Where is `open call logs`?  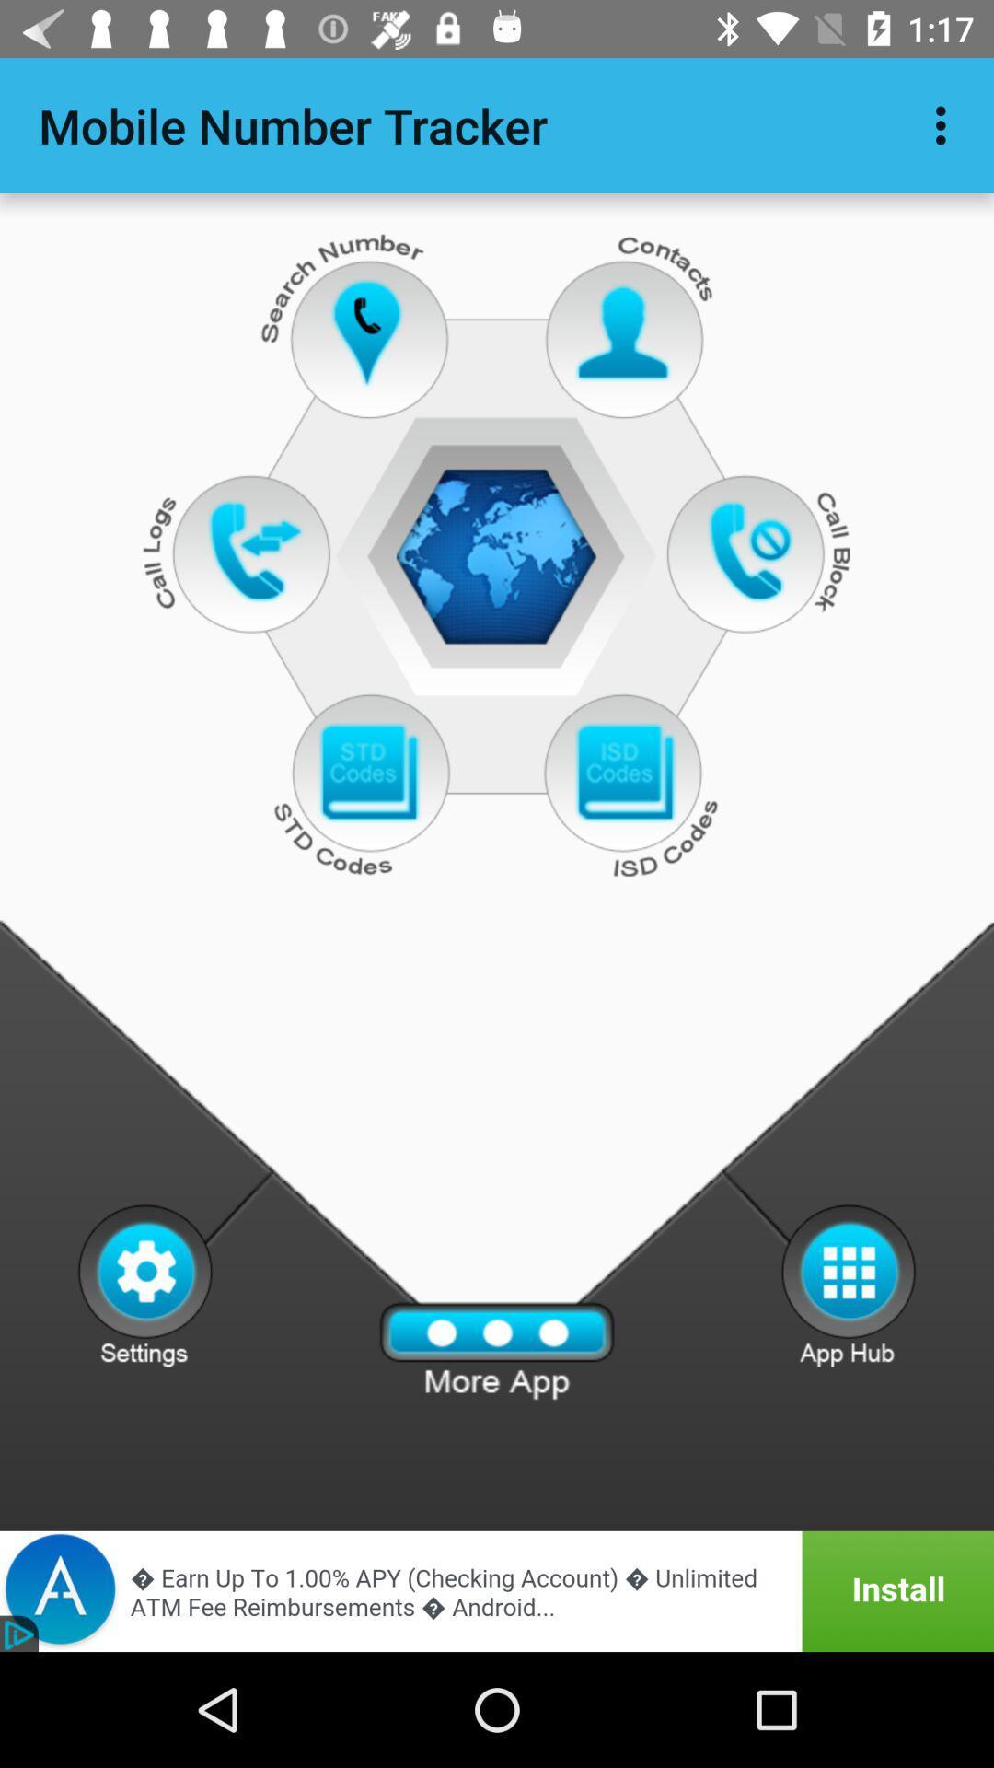
open call logs is located at coordinates (255, 550).